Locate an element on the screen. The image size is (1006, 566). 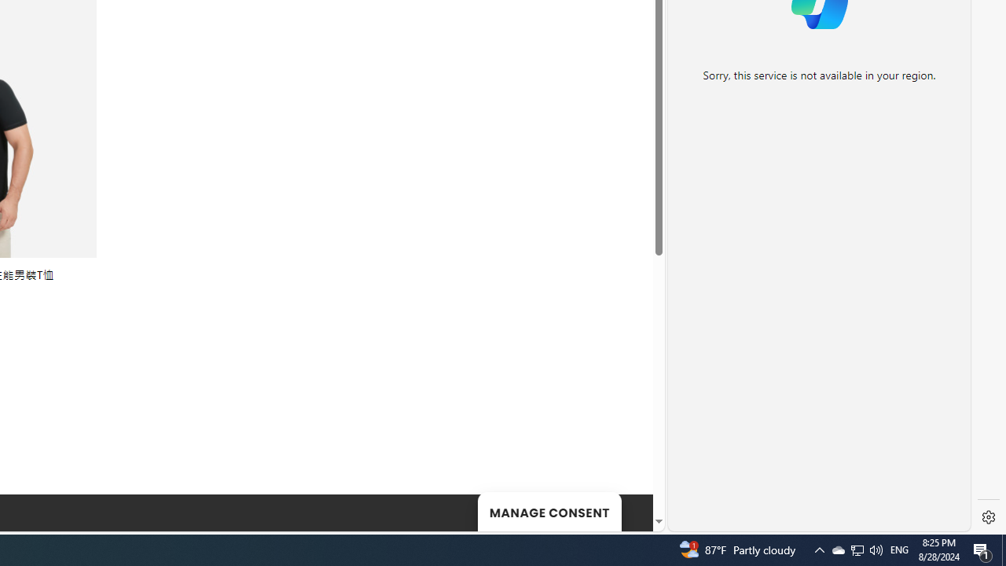
'Settings' is located at coordinates (988, 517).